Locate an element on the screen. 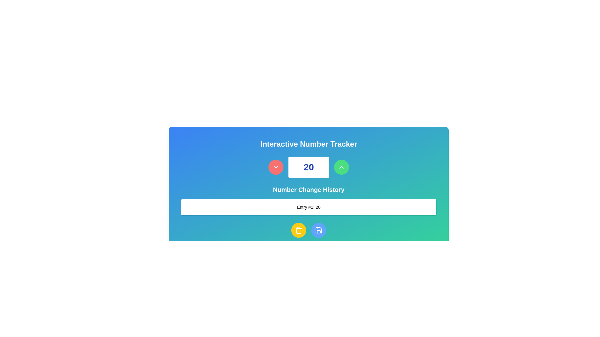  the delete button located at the center-bottom of the interface, which is the first button among its siblings and is next to a circular button with a blue background and a save icon is located at coordinates (298, 230).